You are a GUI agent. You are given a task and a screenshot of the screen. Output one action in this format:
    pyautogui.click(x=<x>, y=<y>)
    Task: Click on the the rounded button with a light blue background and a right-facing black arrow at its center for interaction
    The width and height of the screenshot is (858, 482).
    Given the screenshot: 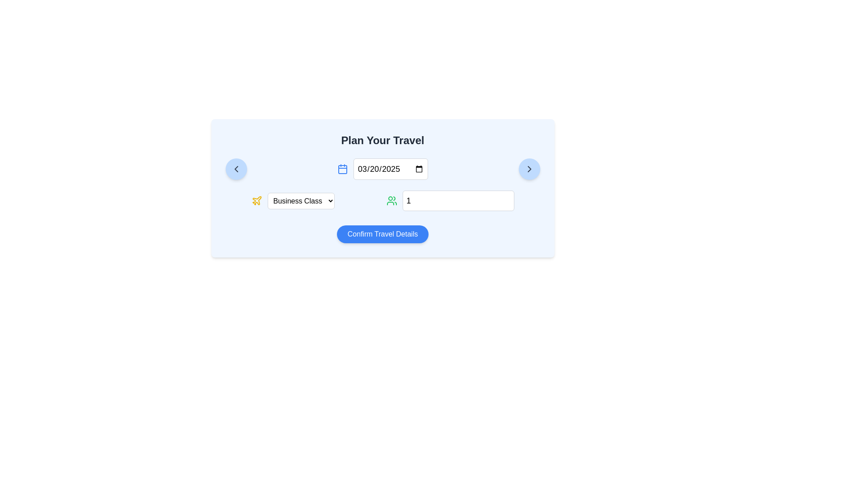 What is the action you would take?
    pyautogui.click(x=529, y=169)
    